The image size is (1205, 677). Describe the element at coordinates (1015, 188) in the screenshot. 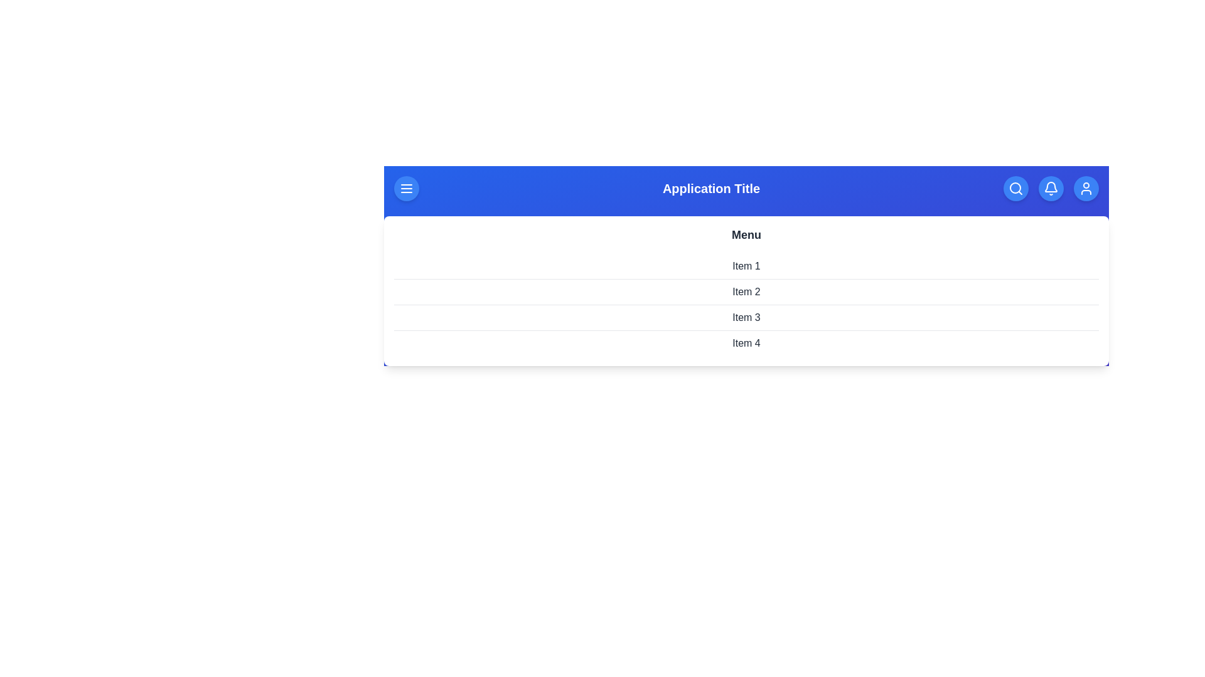

I see `the search button to activate the search functionality` at that location.